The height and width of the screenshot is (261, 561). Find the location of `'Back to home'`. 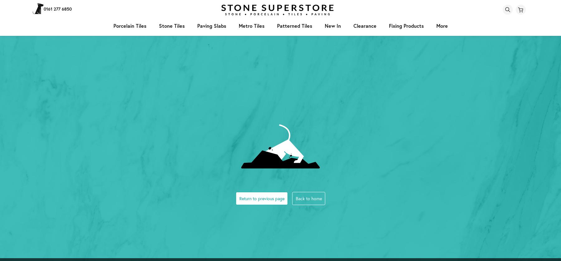

'Back to home' is located at coordinates (308, 198).